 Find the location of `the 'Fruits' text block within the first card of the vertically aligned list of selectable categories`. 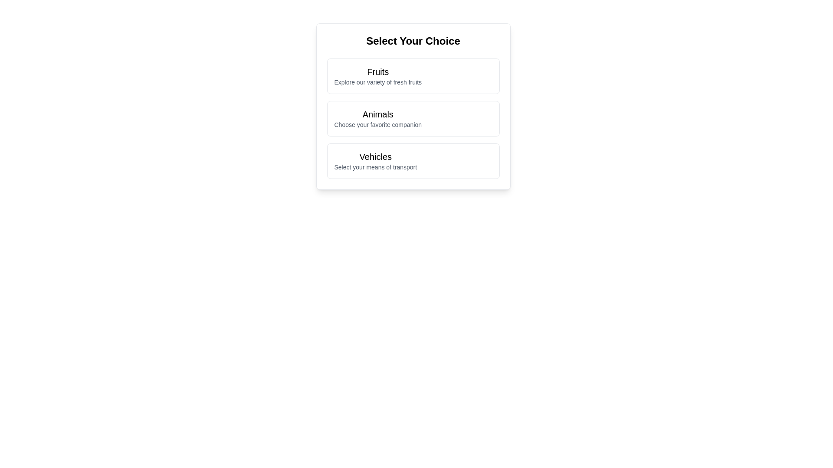

the 'Fruits' text block within the first card of the vertically aligned list of selectable categories is located at coordinates (378, 76).